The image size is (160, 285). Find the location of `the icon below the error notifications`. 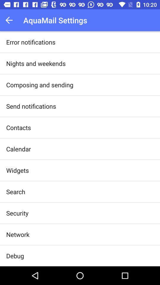

the icon below the error notifications is located at coordinates (36, 63).